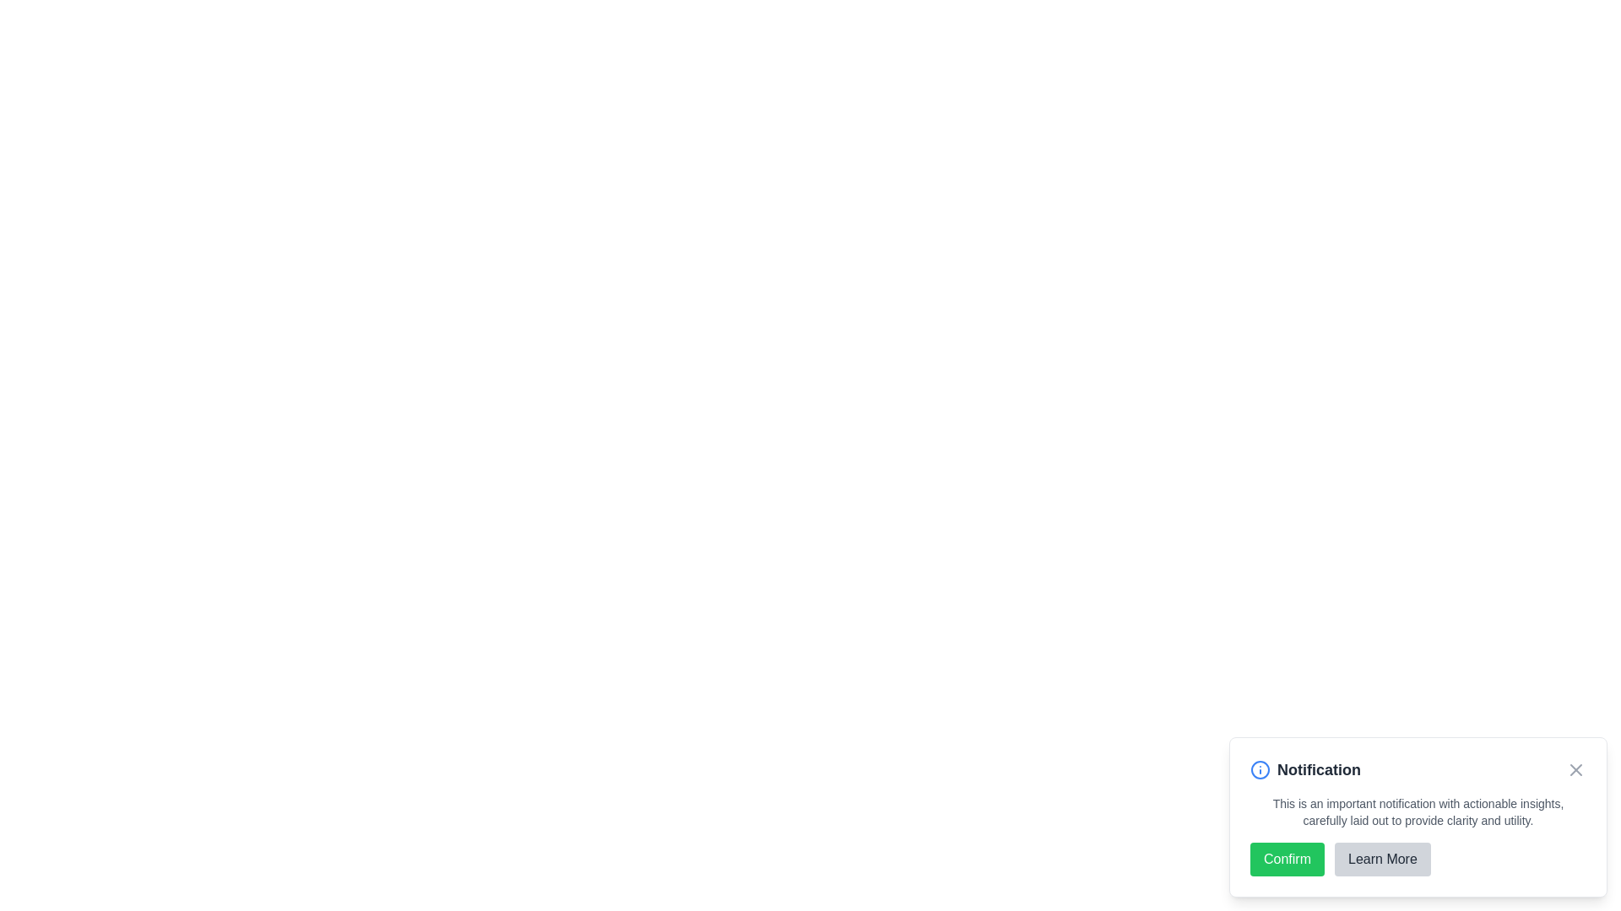 Image resolution: width=1621 pixels, height=911 pixels. What do you see at coordinates (1260, 770) in the screenshot?
I see `the circular icon with a blue outline and an exclamation mark, located at the top left corner of the notification header, next to the 'Notification' title` at bounding box center [1260, 770].